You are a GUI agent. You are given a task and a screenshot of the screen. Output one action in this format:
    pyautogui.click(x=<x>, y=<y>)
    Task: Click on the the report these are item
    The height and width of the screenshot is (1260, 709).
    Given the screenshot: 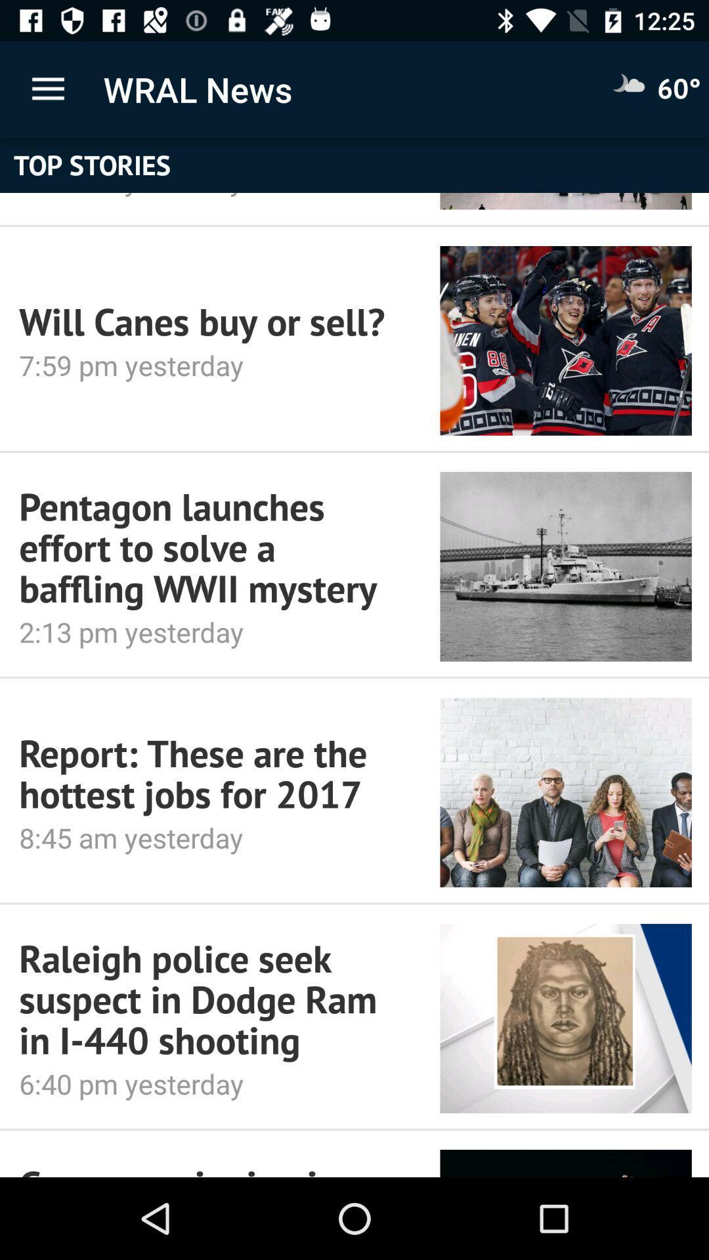 What is the action you would take?
    pyautogui.click(x=211, y=774)
    